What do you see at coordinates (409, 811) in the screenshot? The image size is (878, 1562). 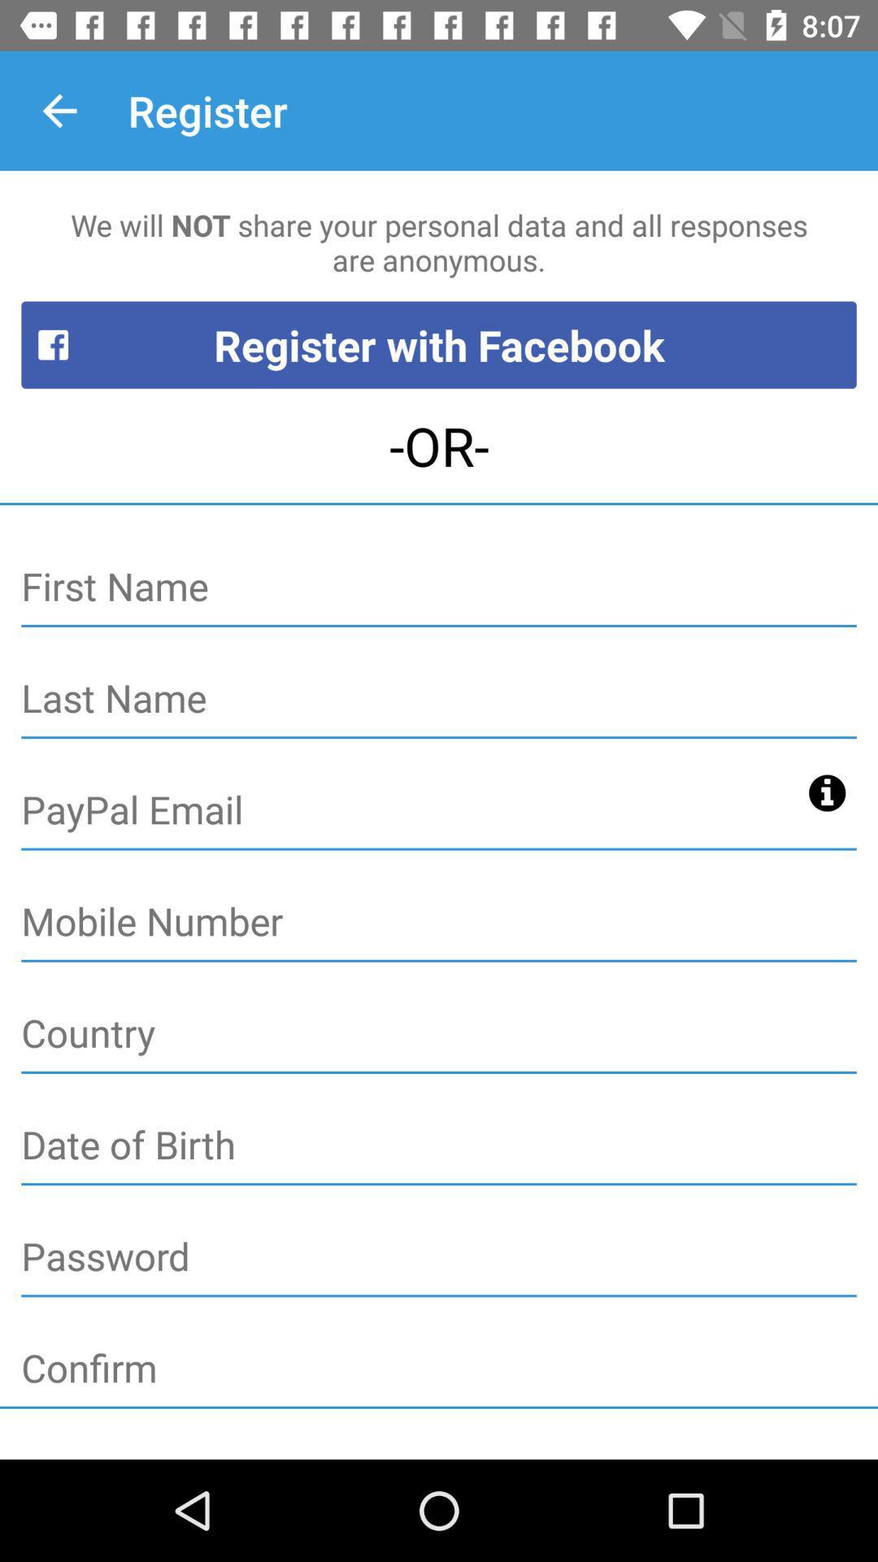 I see `paypal information` at bounding box center [409, 811].